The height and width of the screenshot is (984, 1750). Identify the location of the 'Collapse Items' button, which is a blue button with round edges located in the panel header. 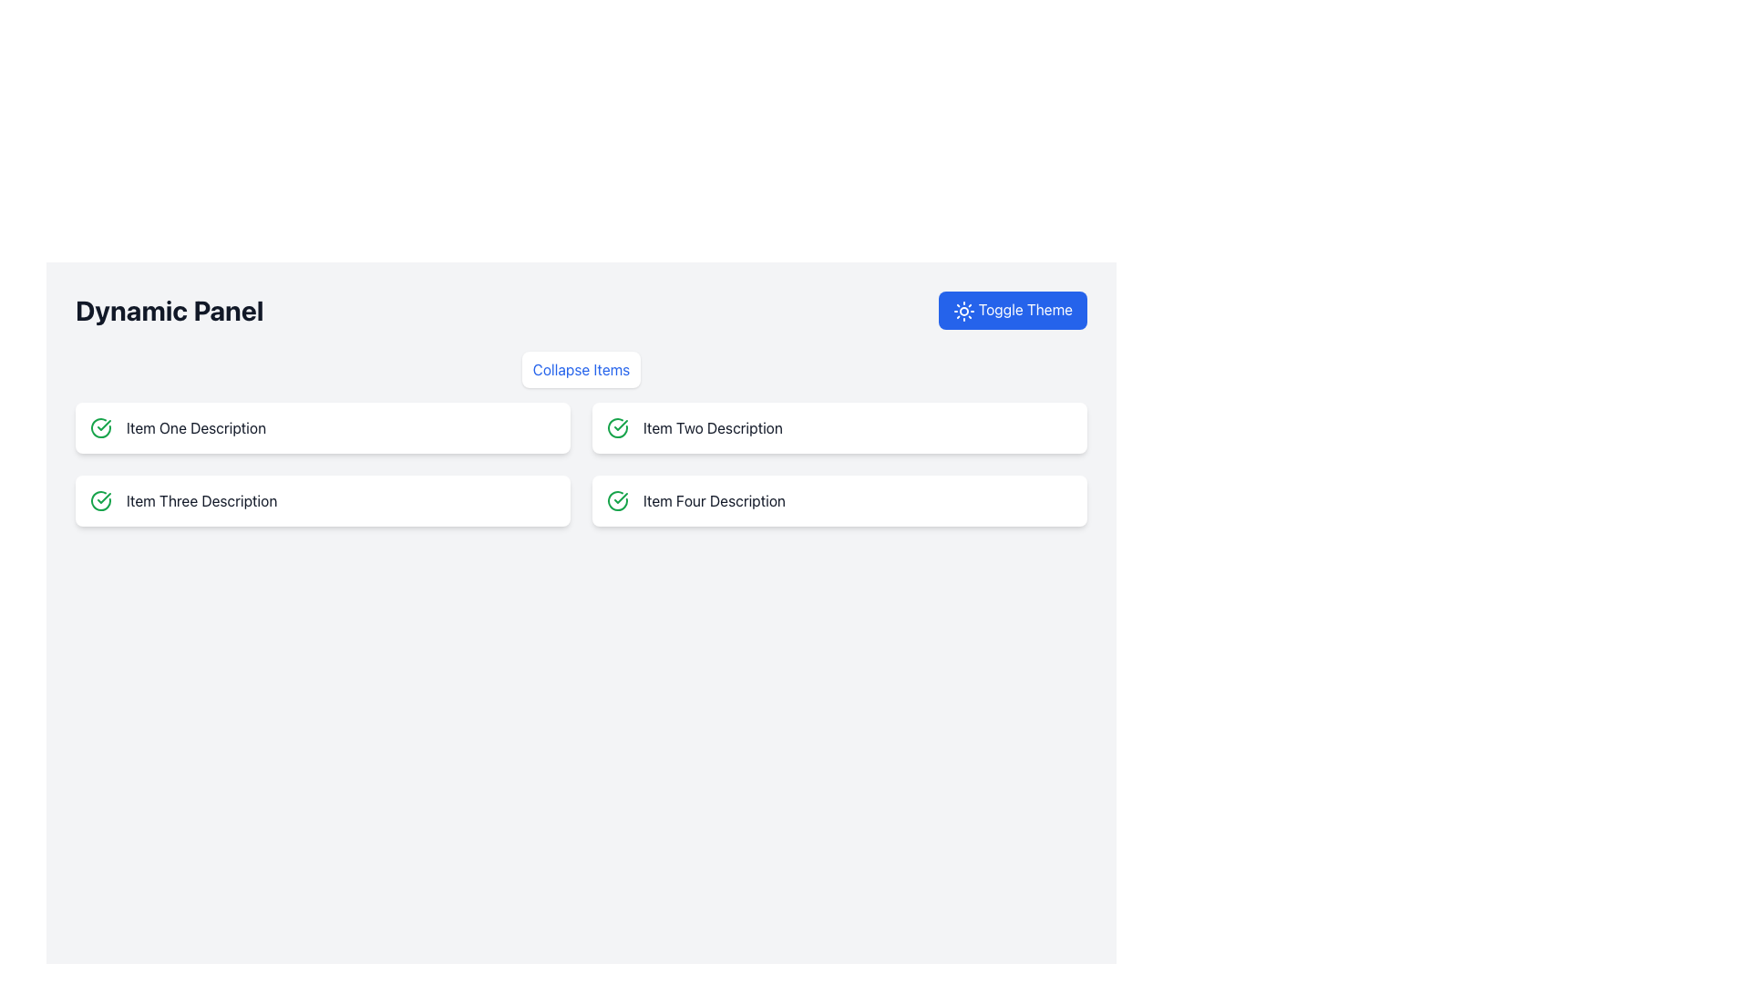
(581, 369).